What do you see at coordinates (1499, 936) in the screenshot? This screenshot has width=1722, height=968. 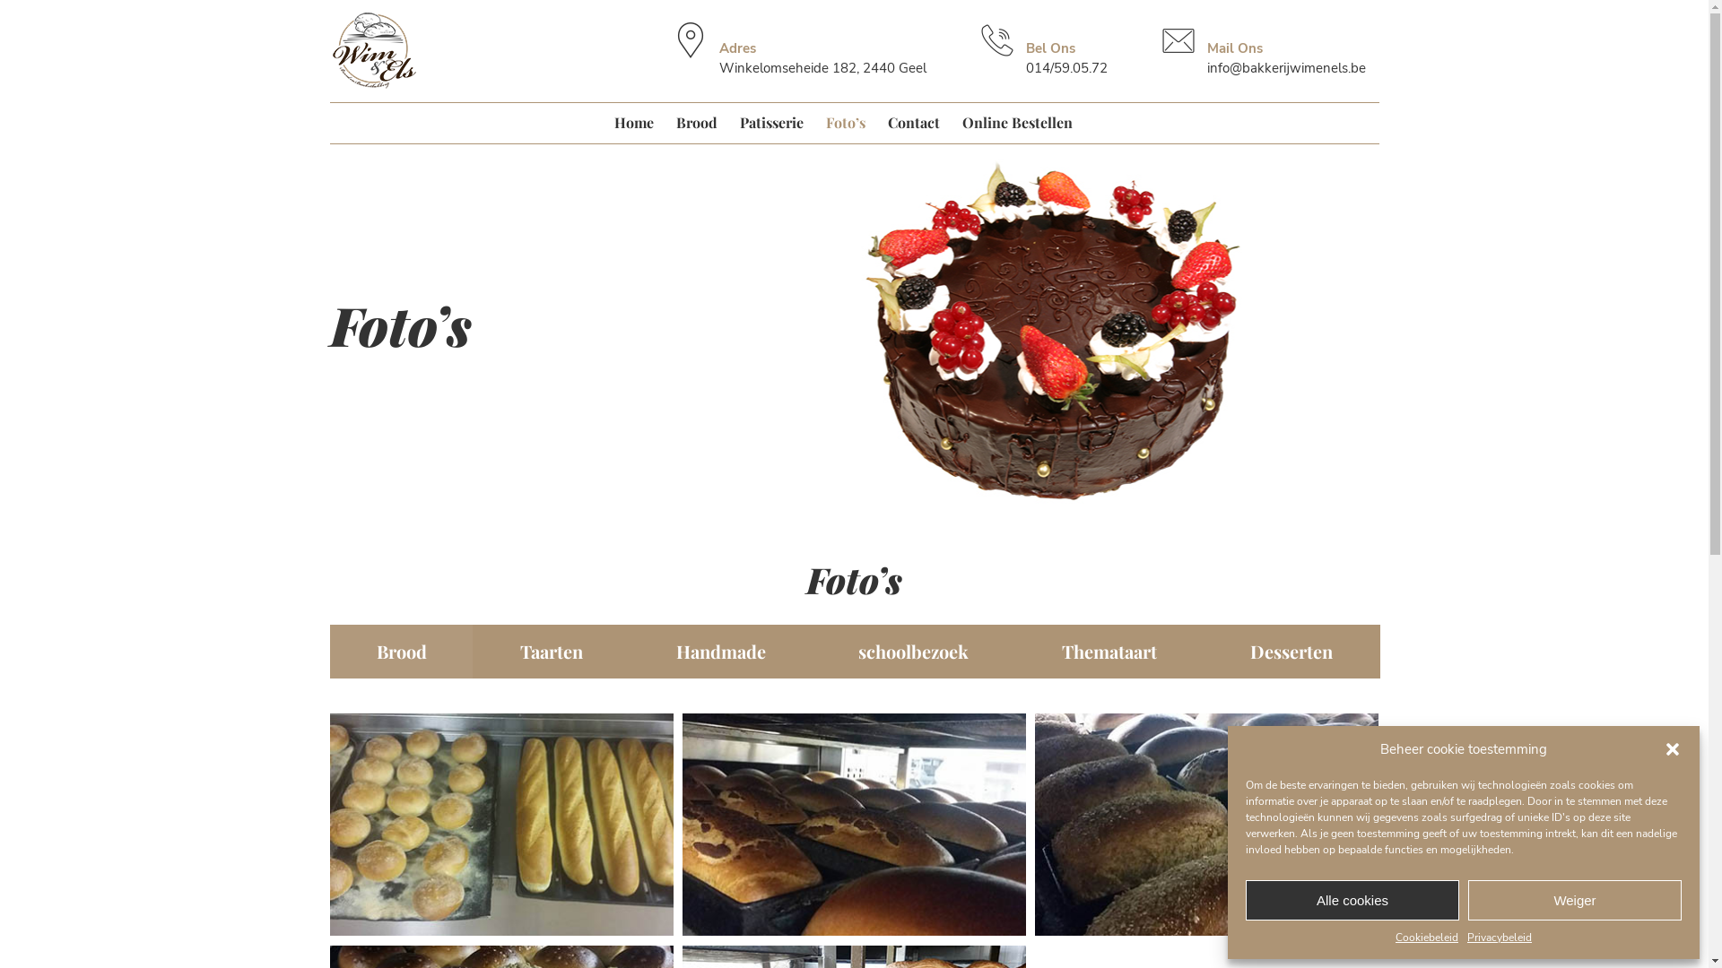 I see `'Privacybeleid'` at bounding box center [1499, 936].